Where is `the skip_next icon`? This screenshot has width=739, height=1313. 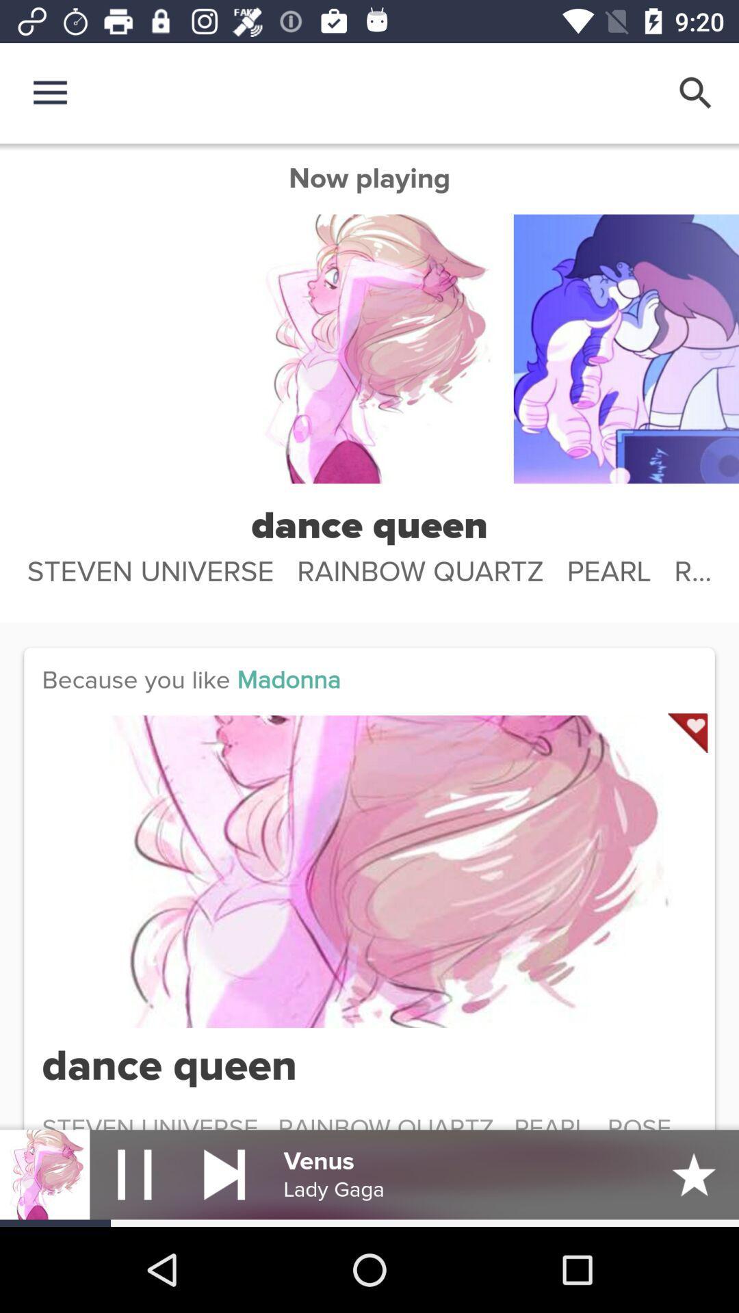
the skip_next icon is located at coordinates (224, 1173).